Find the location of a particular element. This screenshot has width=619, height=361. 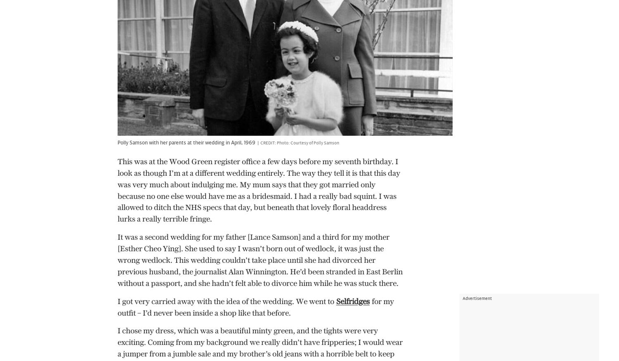

'The calculator that shows Jeremy Hunt’s tax cuts are a farce' is located at coordinates (259, 152).